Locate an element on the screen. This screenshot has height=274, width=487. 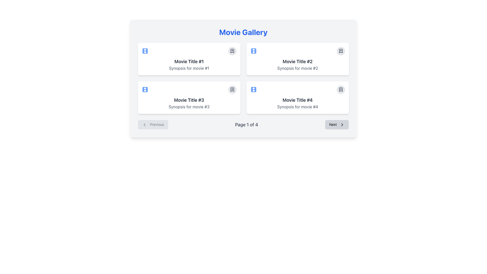
the bookmark button located in the top-right corner of the card labeled 'Movie Title #2' to bookmark the item is located at coordinates (341, 51).